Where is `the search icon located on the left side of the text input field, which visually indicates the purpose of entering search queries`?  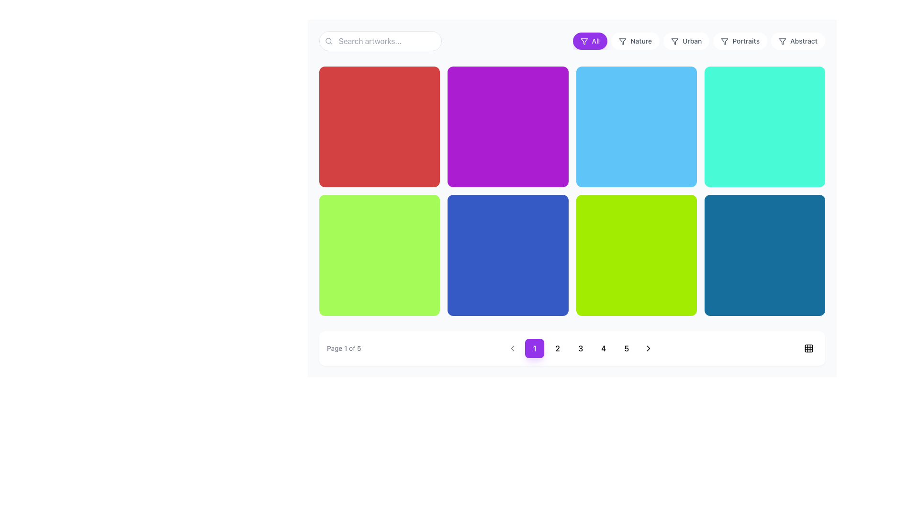 the search icon located on the left side of the text input field, which visually indicates the purpose of entering search queries is located at coordinates (328, 40).